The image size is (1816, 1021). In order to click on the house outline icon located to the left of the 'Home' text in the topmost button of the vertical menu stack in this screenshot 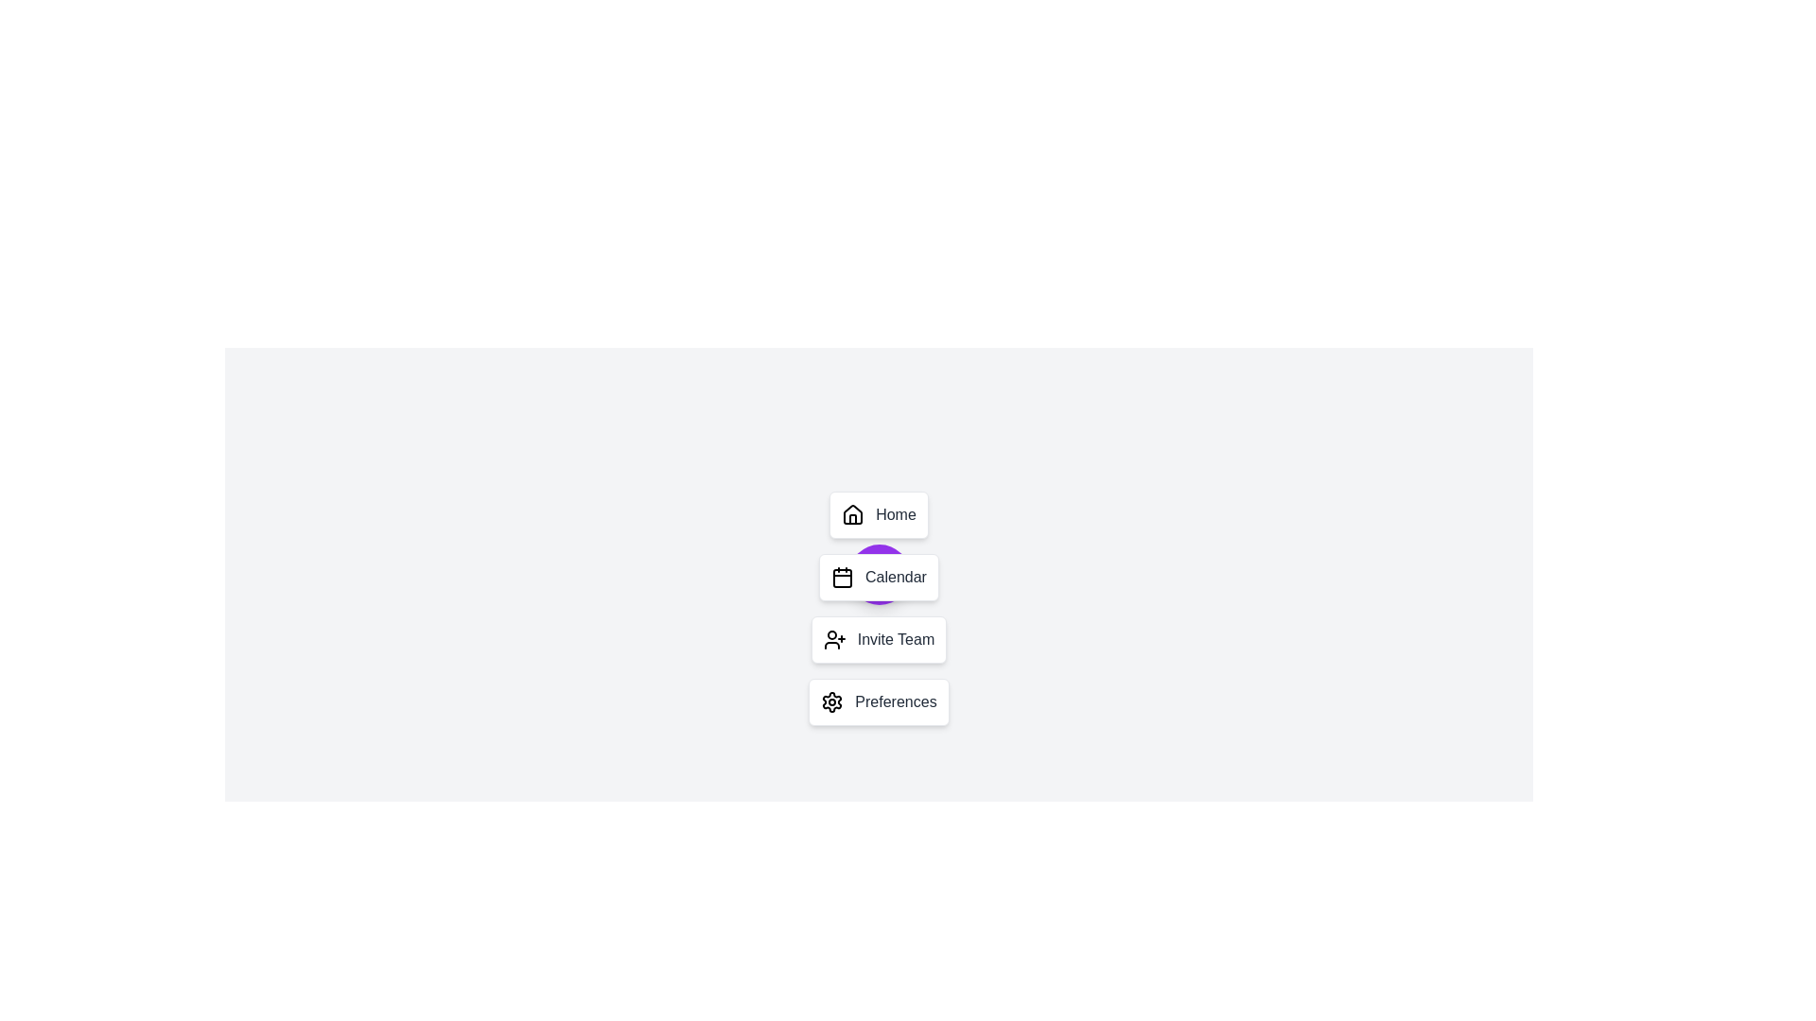, I will do `click(852, 514)`.